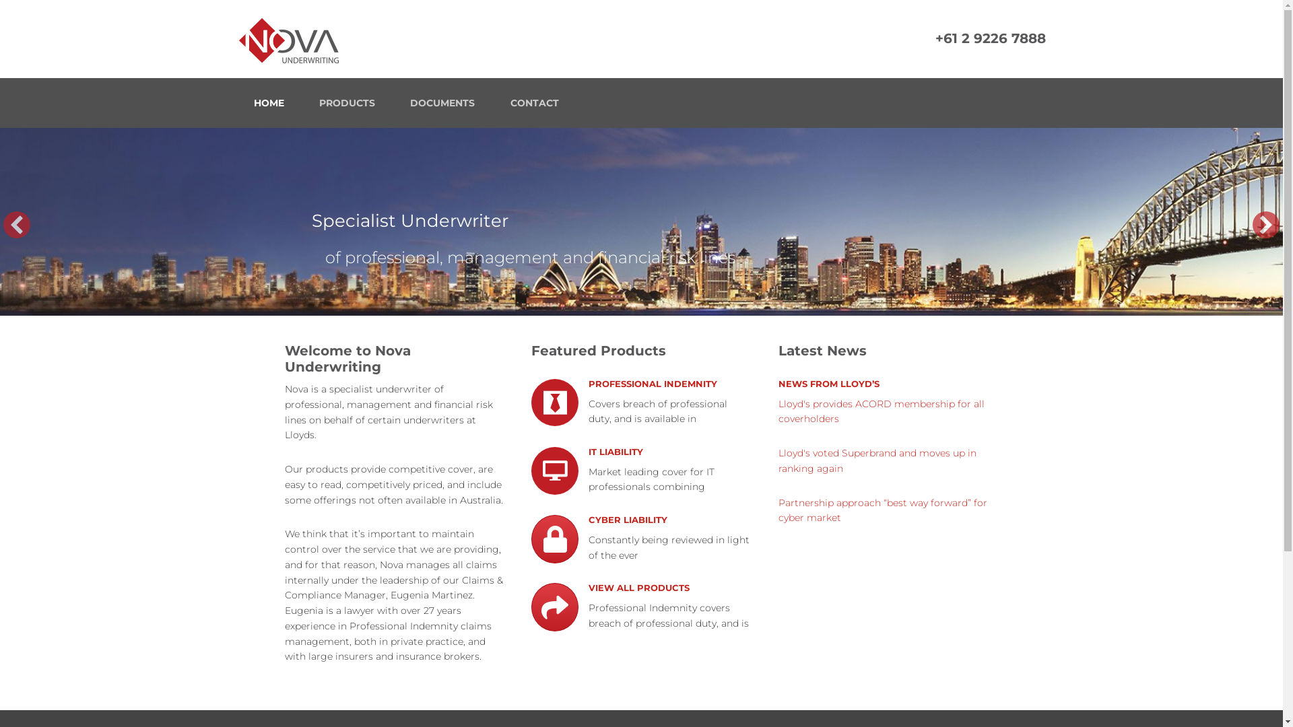  What do you see at coordinates (268, 102) in the screenshot?
I see `'HOME'` at bounding box center [268, 102].